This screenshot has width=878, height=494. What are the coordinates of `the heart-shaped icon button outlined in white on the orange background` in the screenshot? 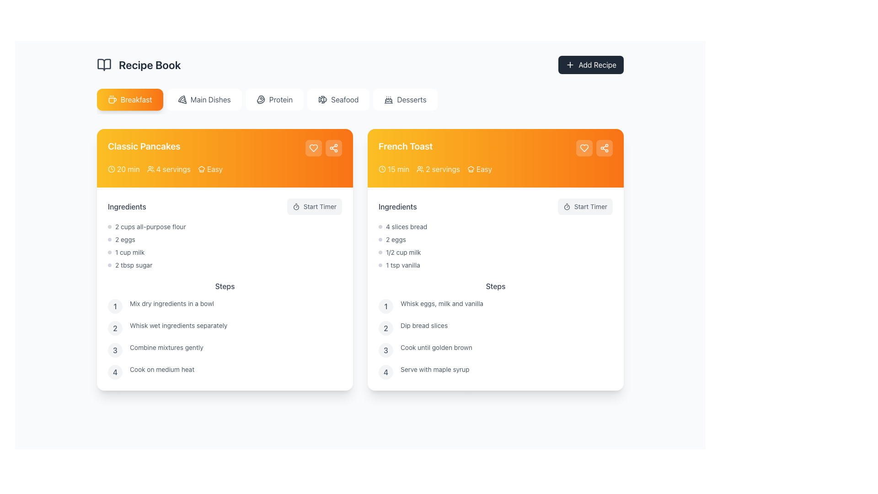 It's located at (584, 148).